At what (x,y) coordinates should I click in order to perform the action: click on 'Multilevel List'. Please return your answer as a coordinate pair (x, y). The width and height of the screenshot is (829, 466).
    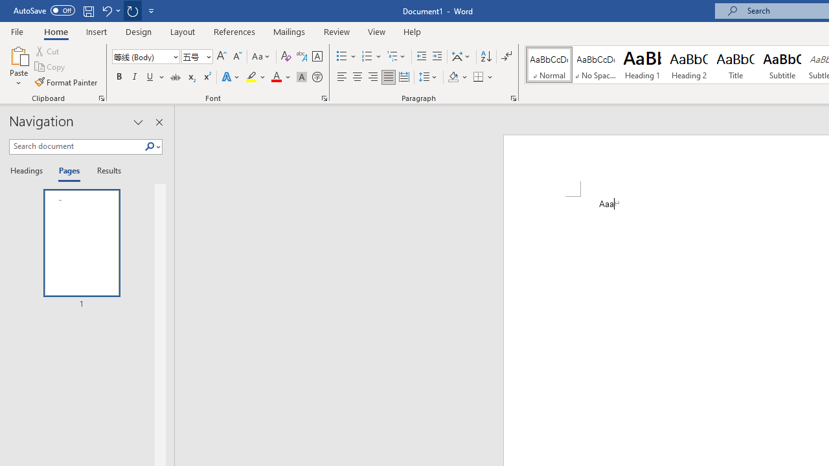
    Looking at the image, I should click on (396, 56).